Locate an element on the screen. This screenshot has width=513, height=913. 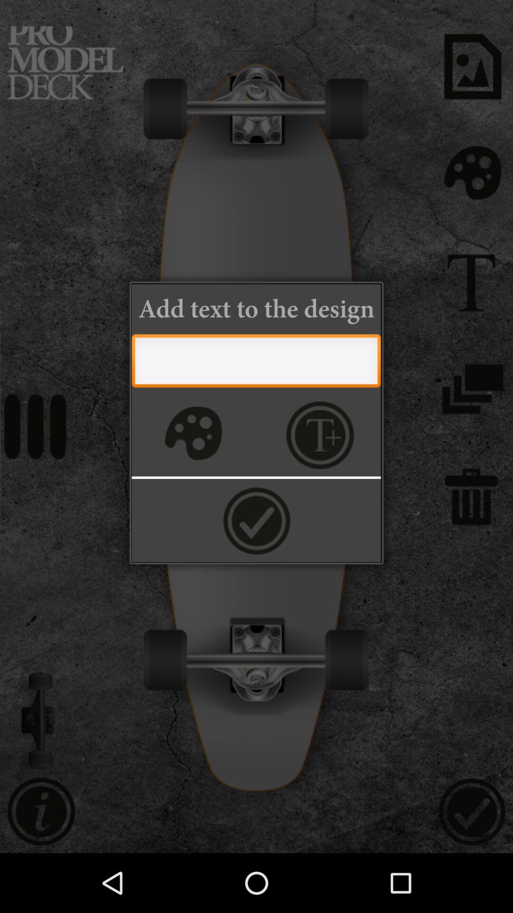
advance is located at coordinates (256, 520).